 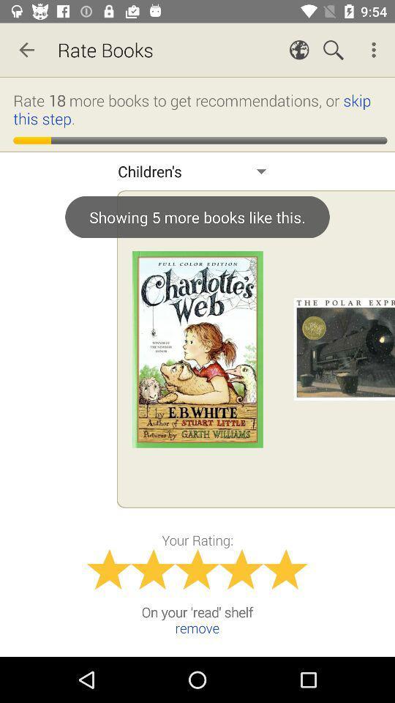 What do you see at coordinates (376, 50) in the screenshot?
I see `the icon shown at the right corner of the page above skip` at bounding box center [376, 50].